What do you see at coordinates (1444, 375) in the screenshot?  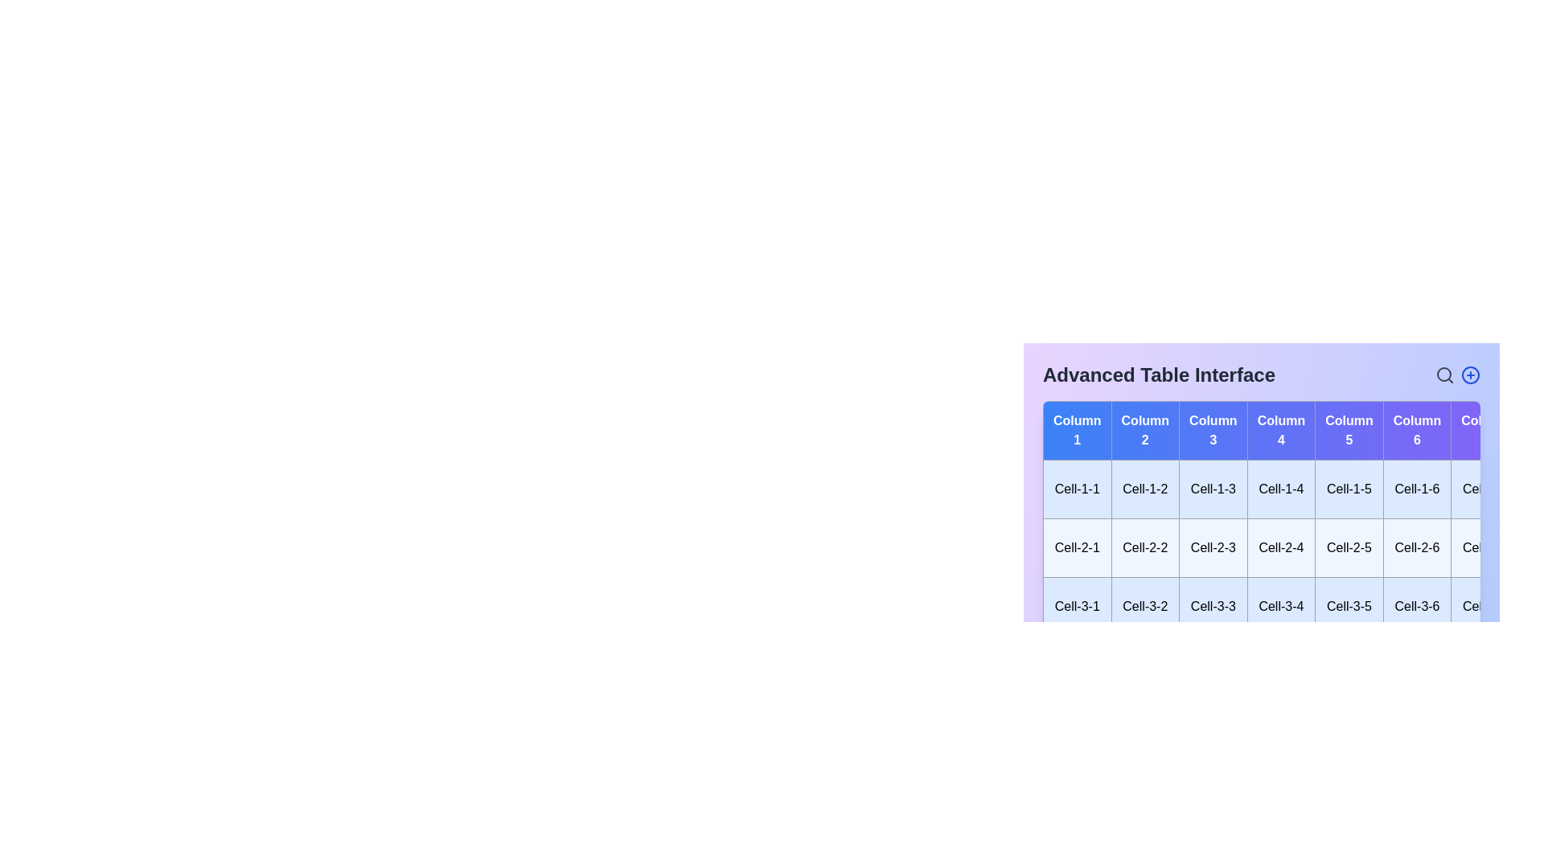 I see `the search icon to initiate a search` at bounding box center [1444, 375].